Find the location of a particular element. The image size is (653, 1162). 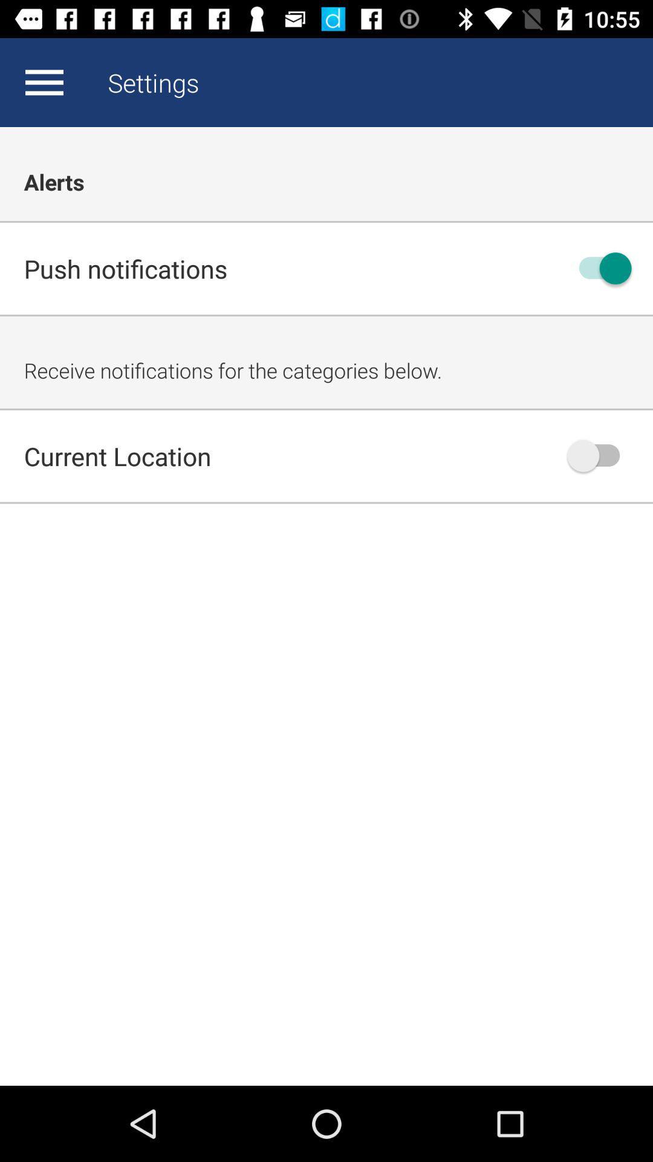

the app next to the settings item is located at coordinates (44, 82).